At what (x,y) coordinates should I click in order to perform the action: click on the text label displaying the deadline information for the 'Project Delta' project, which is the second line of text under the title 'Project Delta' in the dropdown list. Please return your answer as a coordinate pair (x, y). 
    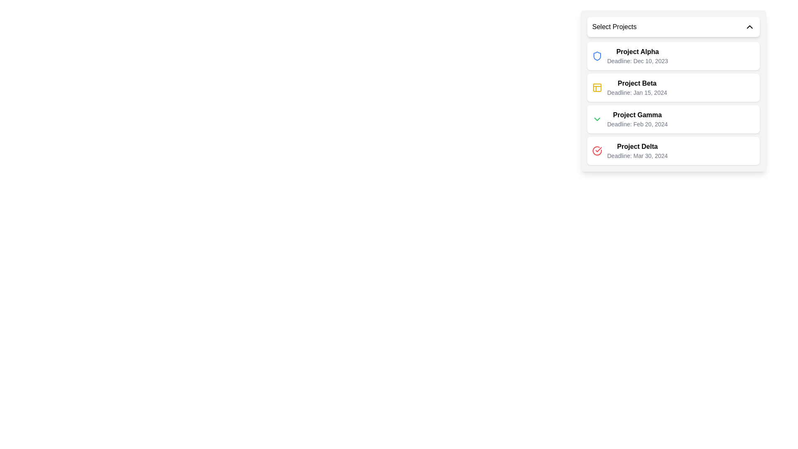
    Looking at the image, I should click on (637, 155).